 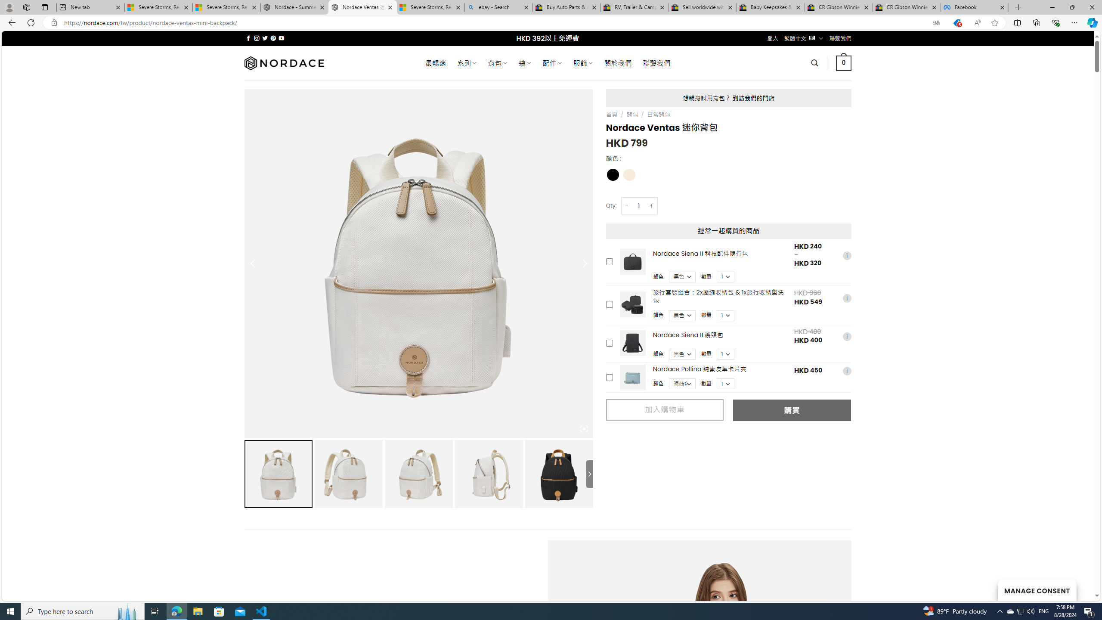 What do you see at coordinates (626, 206) in the screenshot?
I see `'-'` at bounding box center [626, 206].